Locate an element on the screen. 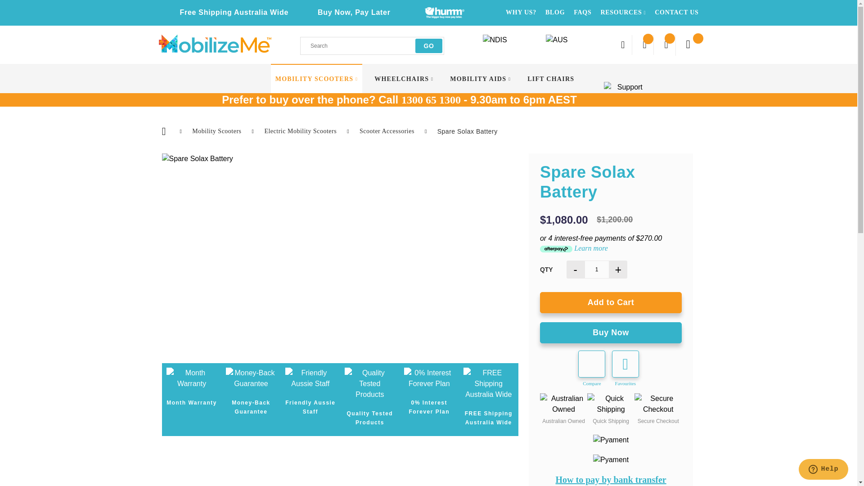 This screenshot has height=486, width=864. 'RESOURCES' is located at coordinates (600, 12).